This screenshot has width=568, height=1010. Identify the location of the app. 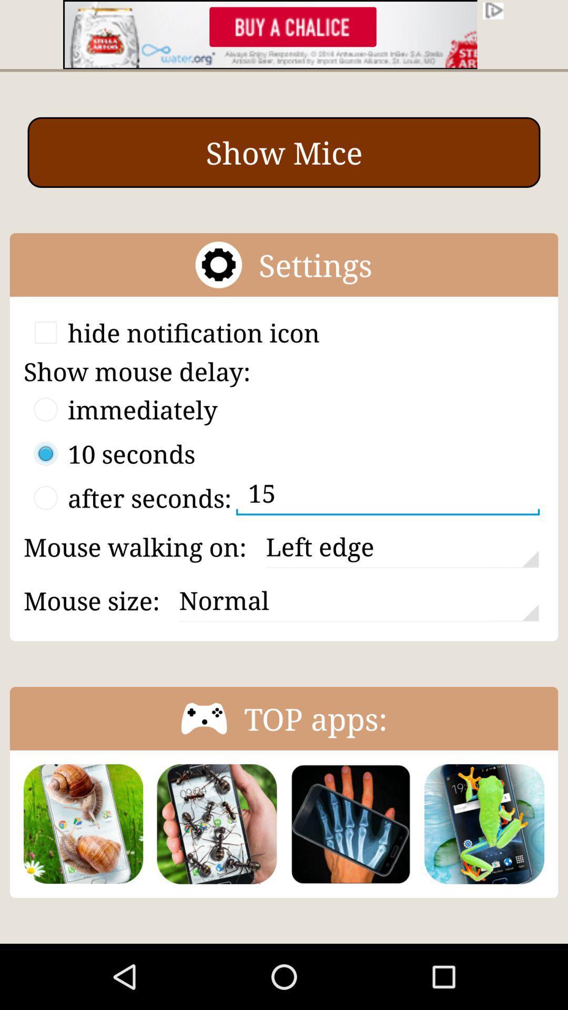
(350, 823).